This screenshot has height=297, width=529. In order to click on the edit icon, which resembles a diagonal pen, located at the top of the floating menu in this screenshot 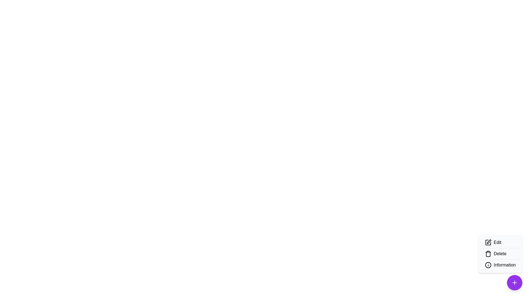, I will do `click(489, 241)`.